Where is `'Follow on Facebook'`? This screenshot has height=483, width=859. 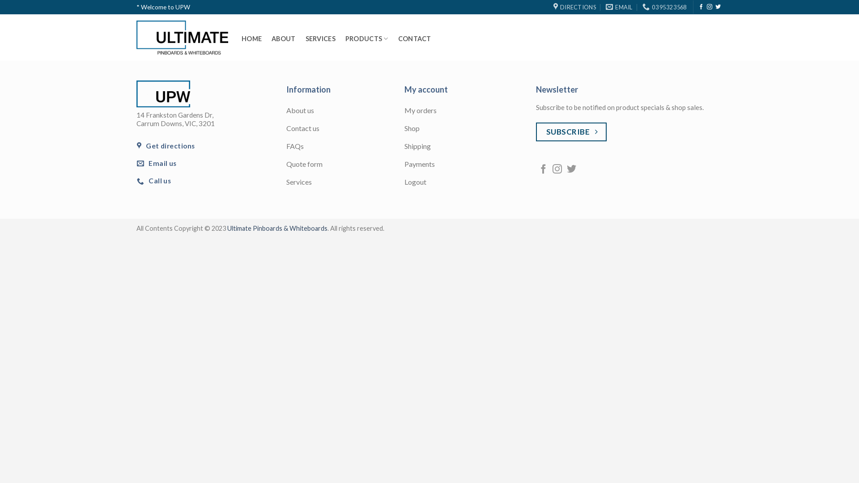
'Follow on Facebook' is located at coordinates (543, 169).